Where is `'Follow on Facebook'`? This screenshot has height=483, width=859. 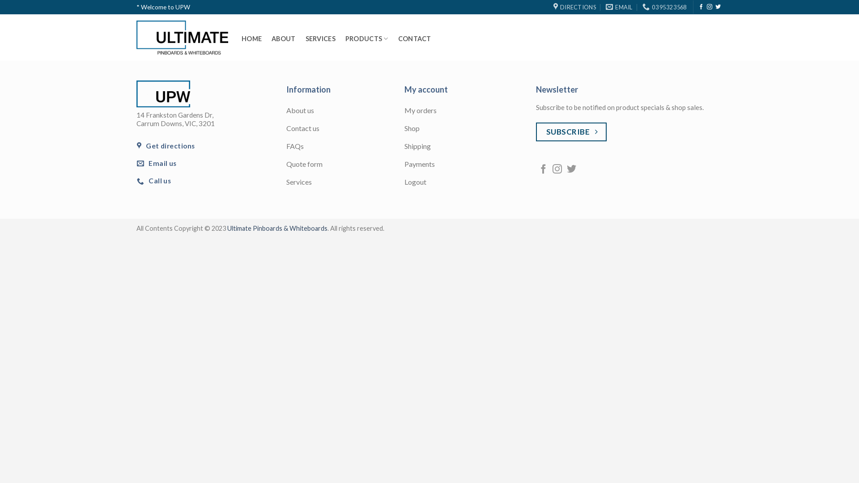
'Follow on Facebook' is located at coordinates (543, 169).